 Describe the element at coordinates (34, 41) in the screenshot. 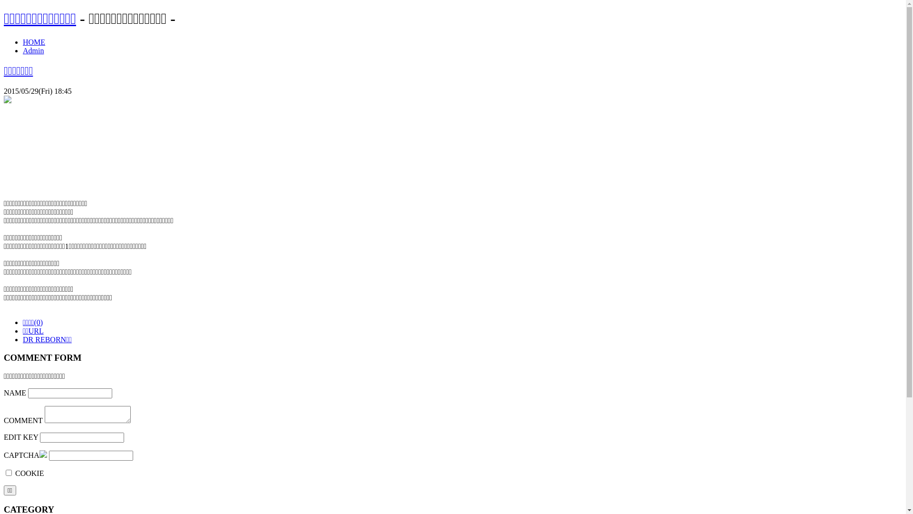

I see `'HOME'` at that location.